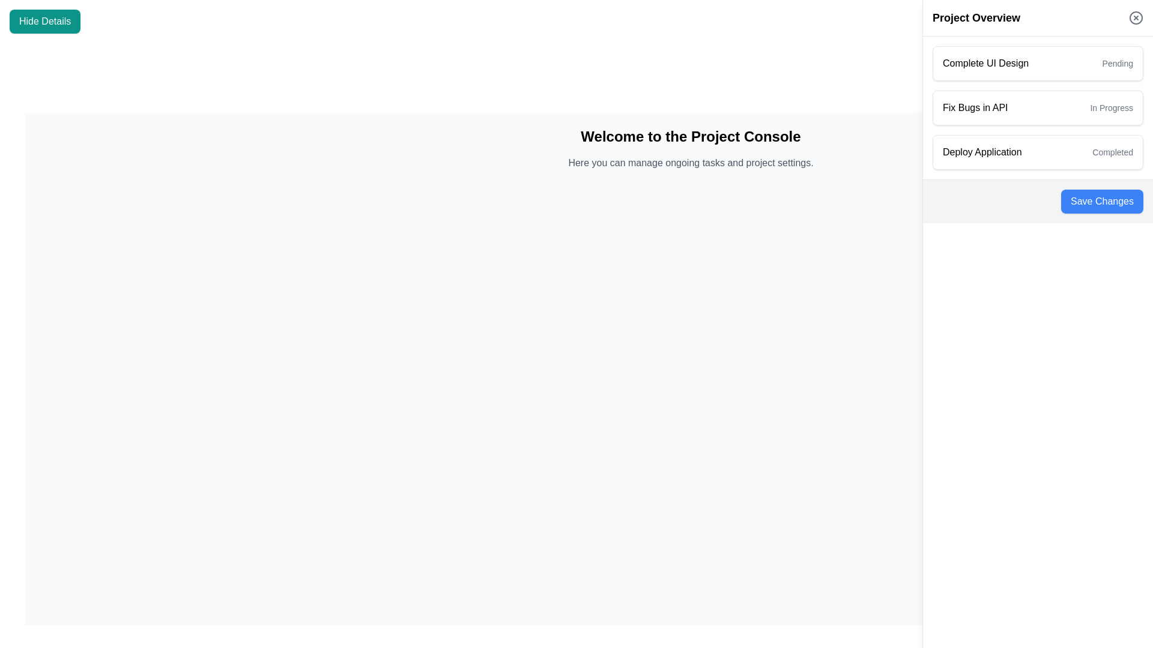 This screenshot has width=1153, height=648. What do you see at coordinates (1111, 108) in the screenshot?
I see `the status label displaying 'In Progress' in light gray color, located next to the 'Fix Bugs in API' item in the 'Project Overview' section` at bounding box center [1111, 108].